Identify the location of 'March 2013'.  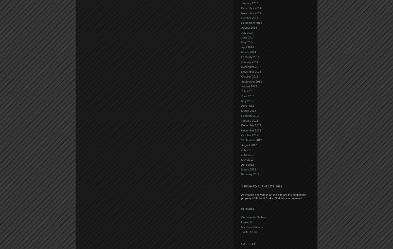
(241, 110).